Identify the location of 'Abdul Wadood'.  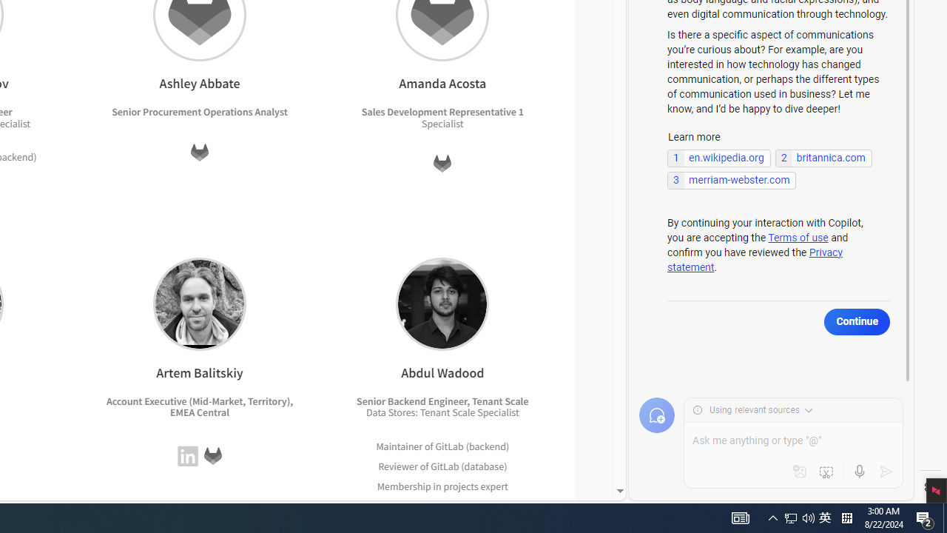
(442, 303).